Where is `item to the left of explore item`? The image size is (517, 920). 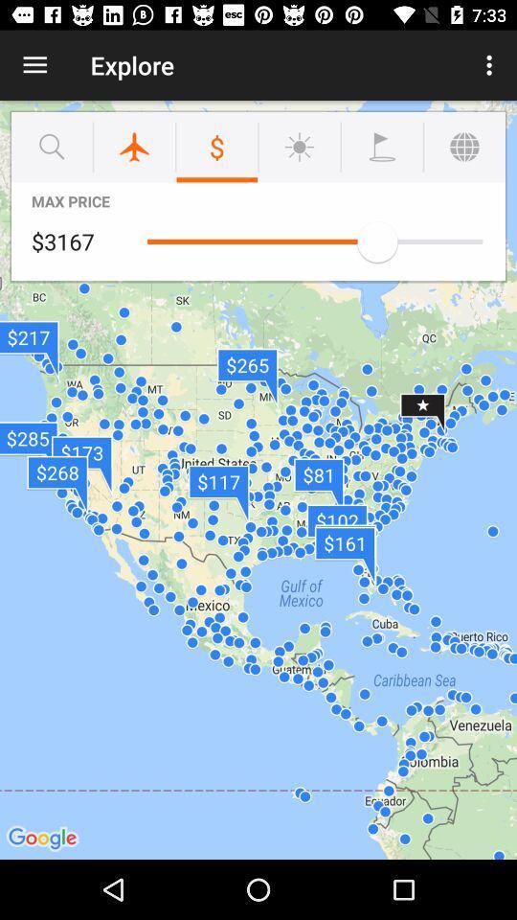
item to the left of explore item is located at coordinates (34, 65).